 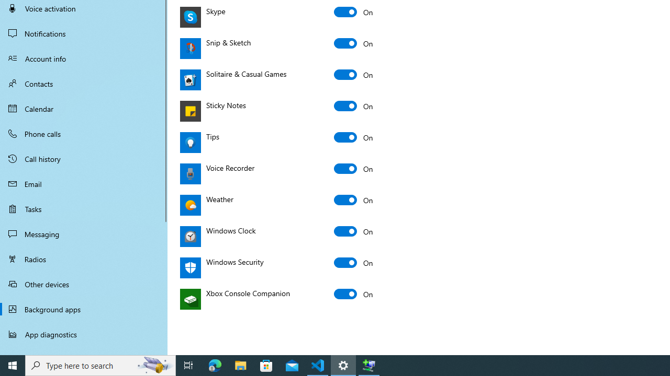 What do you see at coordinates (343, 365) in the screenshot?
I see `'Settings - 1 running window'` at bounding box center [343, 365].